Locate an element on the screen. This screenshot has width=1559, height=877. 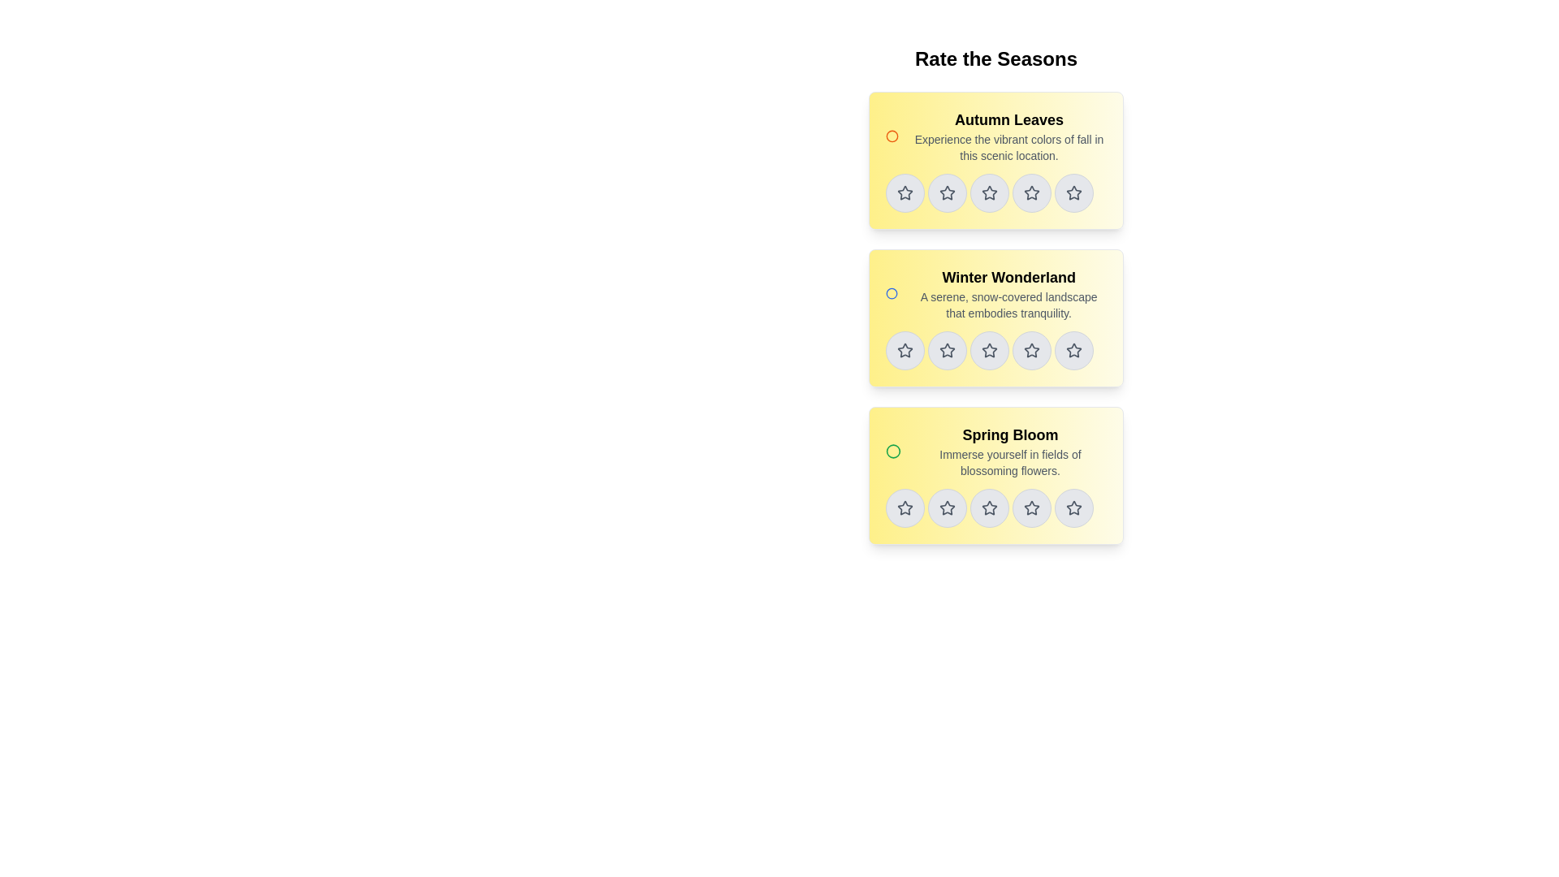
the text block titled 'Autumn Leaves' with a prominent bold first line and a smaller second line, located within the first yellow rectangular card in a vertical list is located at coordinates (995, 136).